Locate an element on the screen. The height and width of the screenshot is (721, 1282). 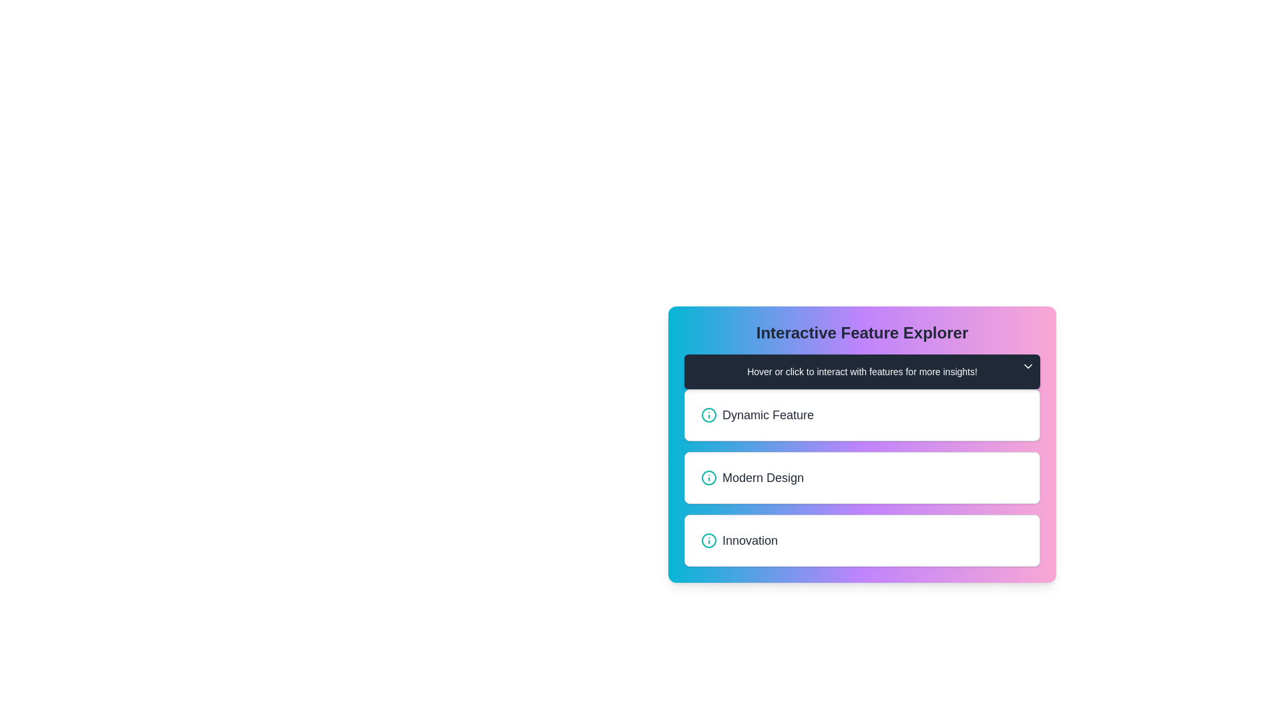
the circular icon with a teal outline located to the left of the text 'Dynamic Feature' is located at coordinates (708, 414).